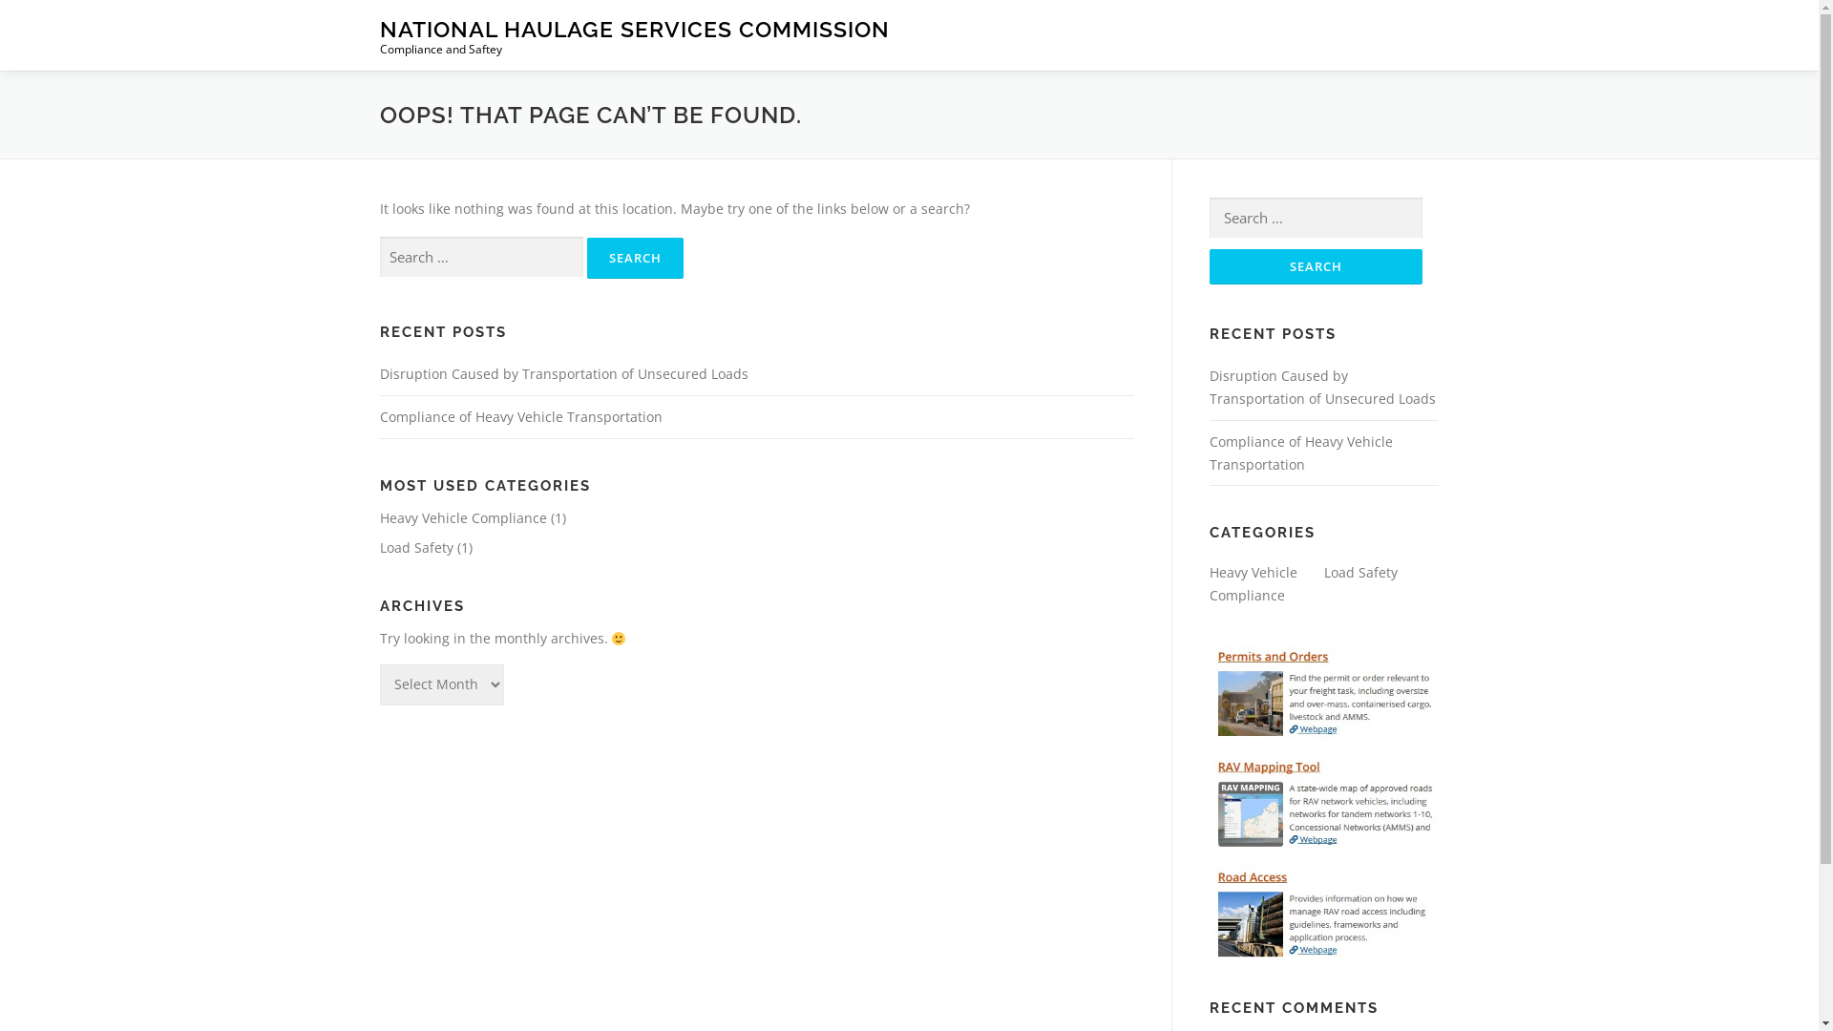 This screenshot has width=1833, height=1031. I want to click on 'Heavy Vehicle Compliance', so click(1252, 582).